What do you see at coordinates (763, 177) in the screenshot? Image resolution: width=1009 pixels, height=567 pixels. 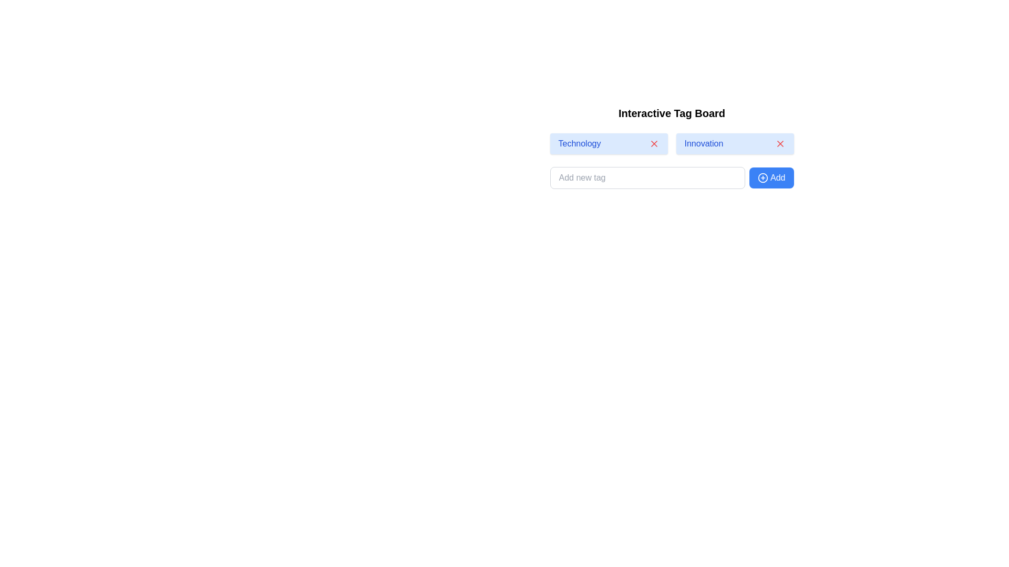 I see `the circular SVG element representing the 'Add' action, which is part of the button next to the input field for adding tags` at bounding box center [763, 177].